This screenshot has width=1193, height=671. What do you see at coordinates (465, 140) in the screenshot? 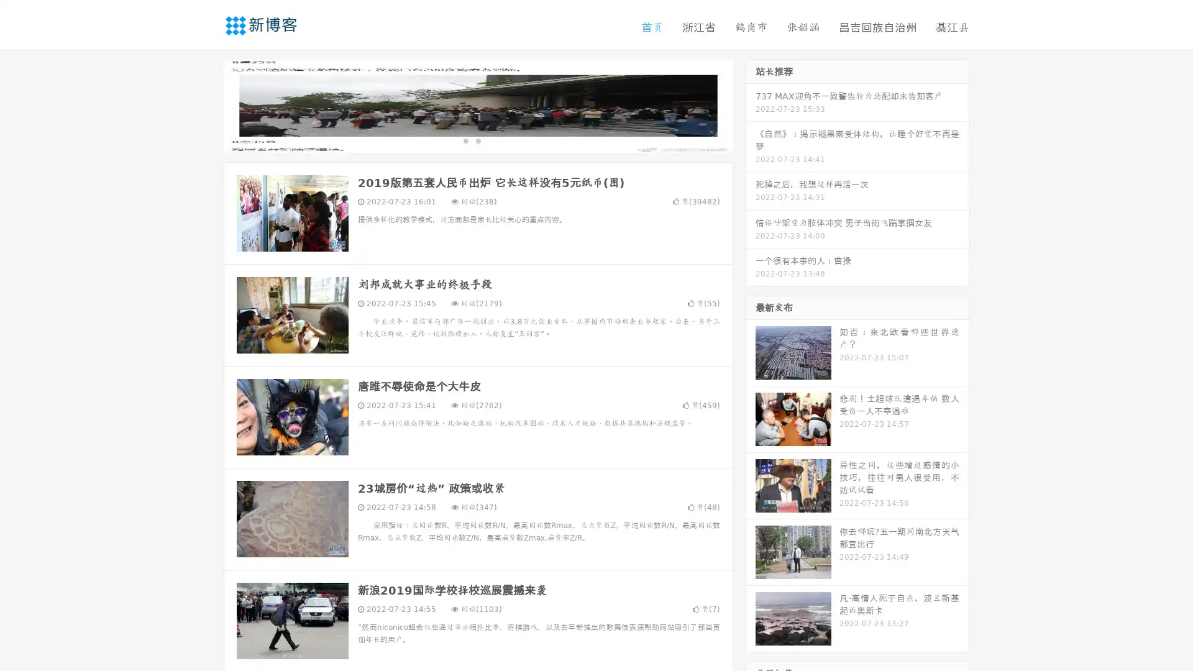
I see `Go to slide 1` at bounding box center [465, 140].